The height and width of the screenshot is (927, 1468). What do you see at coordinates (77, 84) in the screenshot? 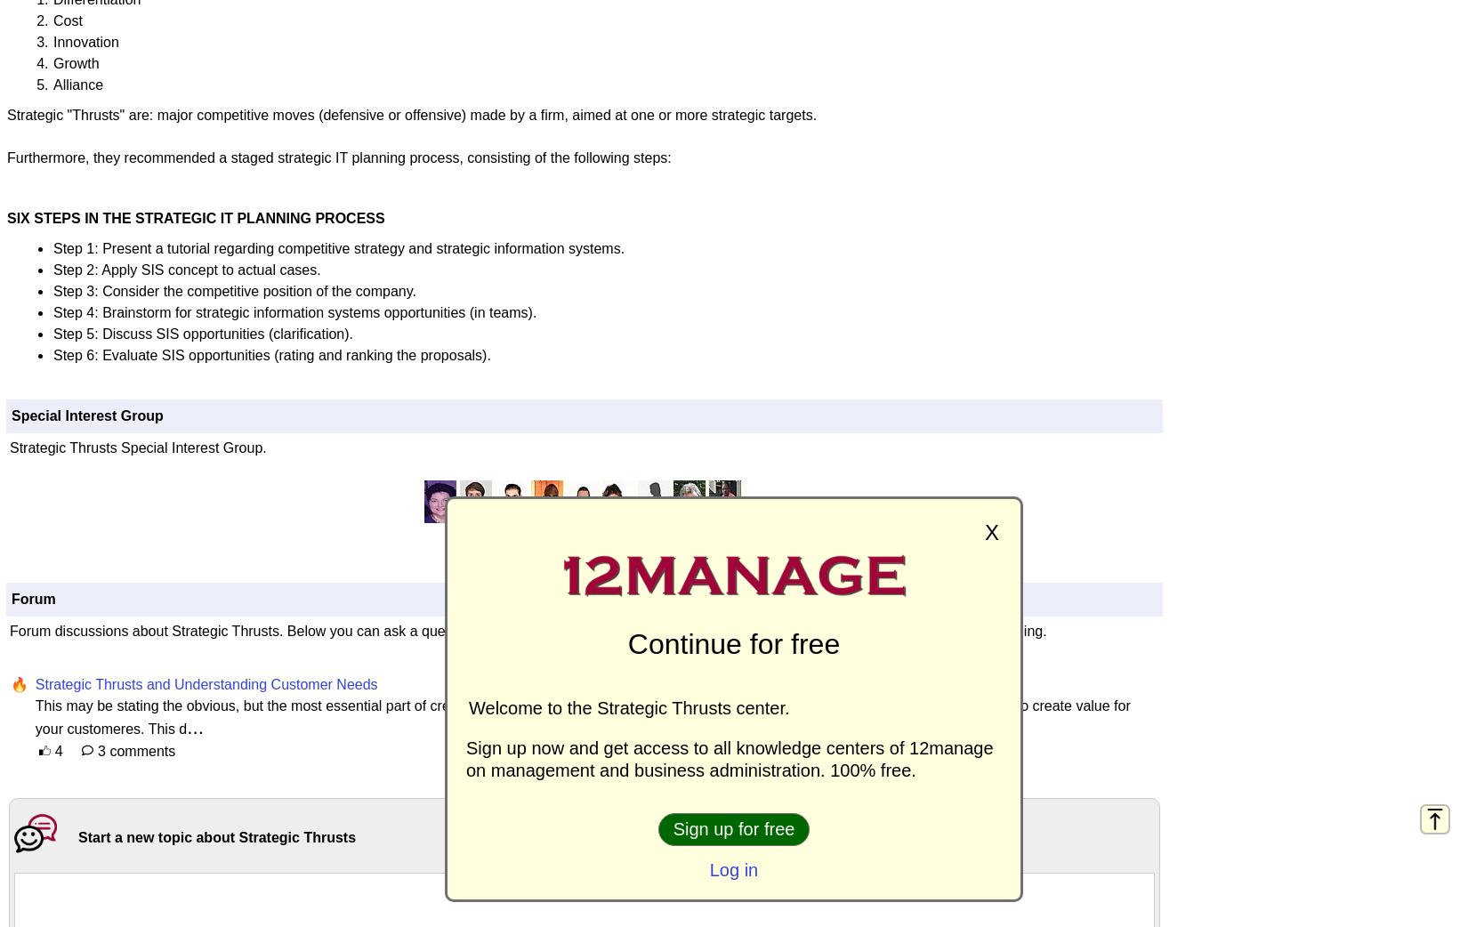
I see `'Alliance'` at bounding box center [77, 84].